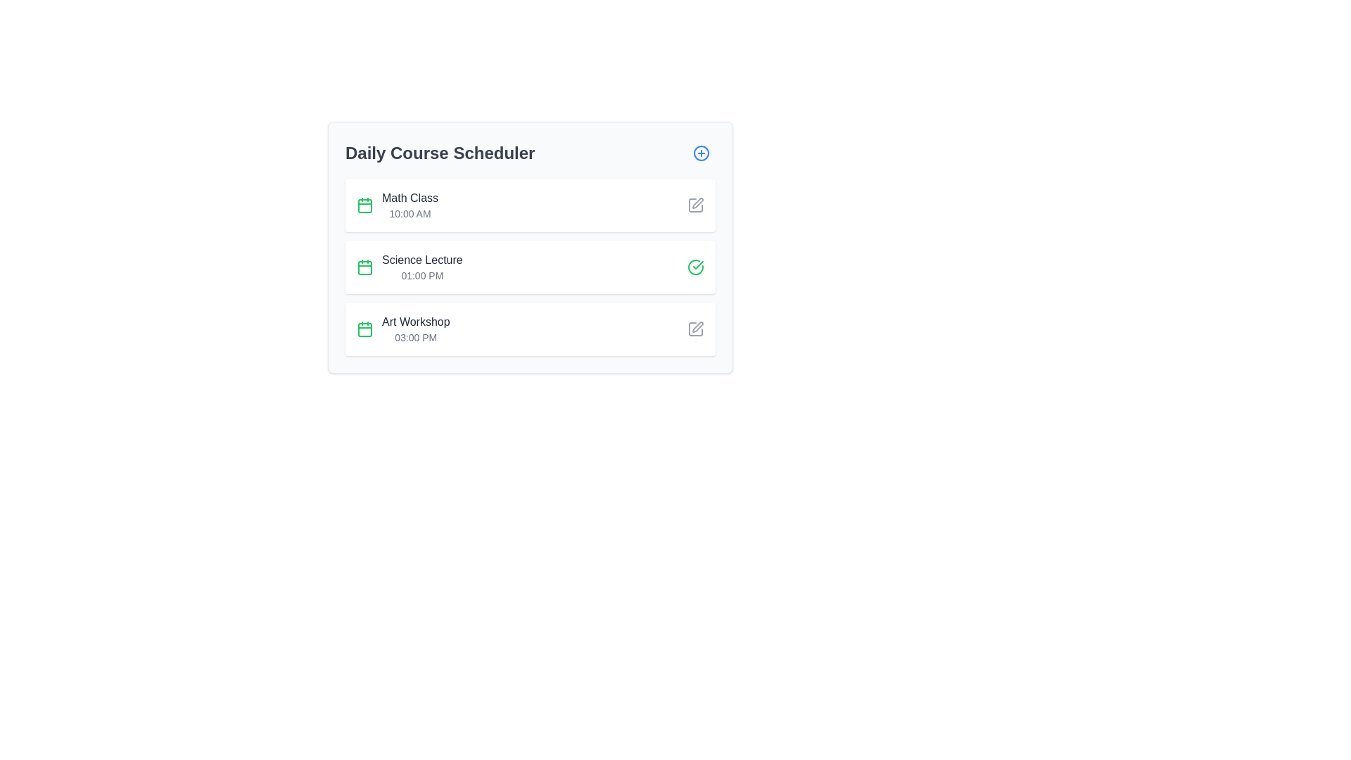 This screenshot has width=1351, height=760. I want to click on the event list item displaying 'Science Lecture' with a calendar icon, located within the 'Daily Course Scheduler', so click(409, 267).